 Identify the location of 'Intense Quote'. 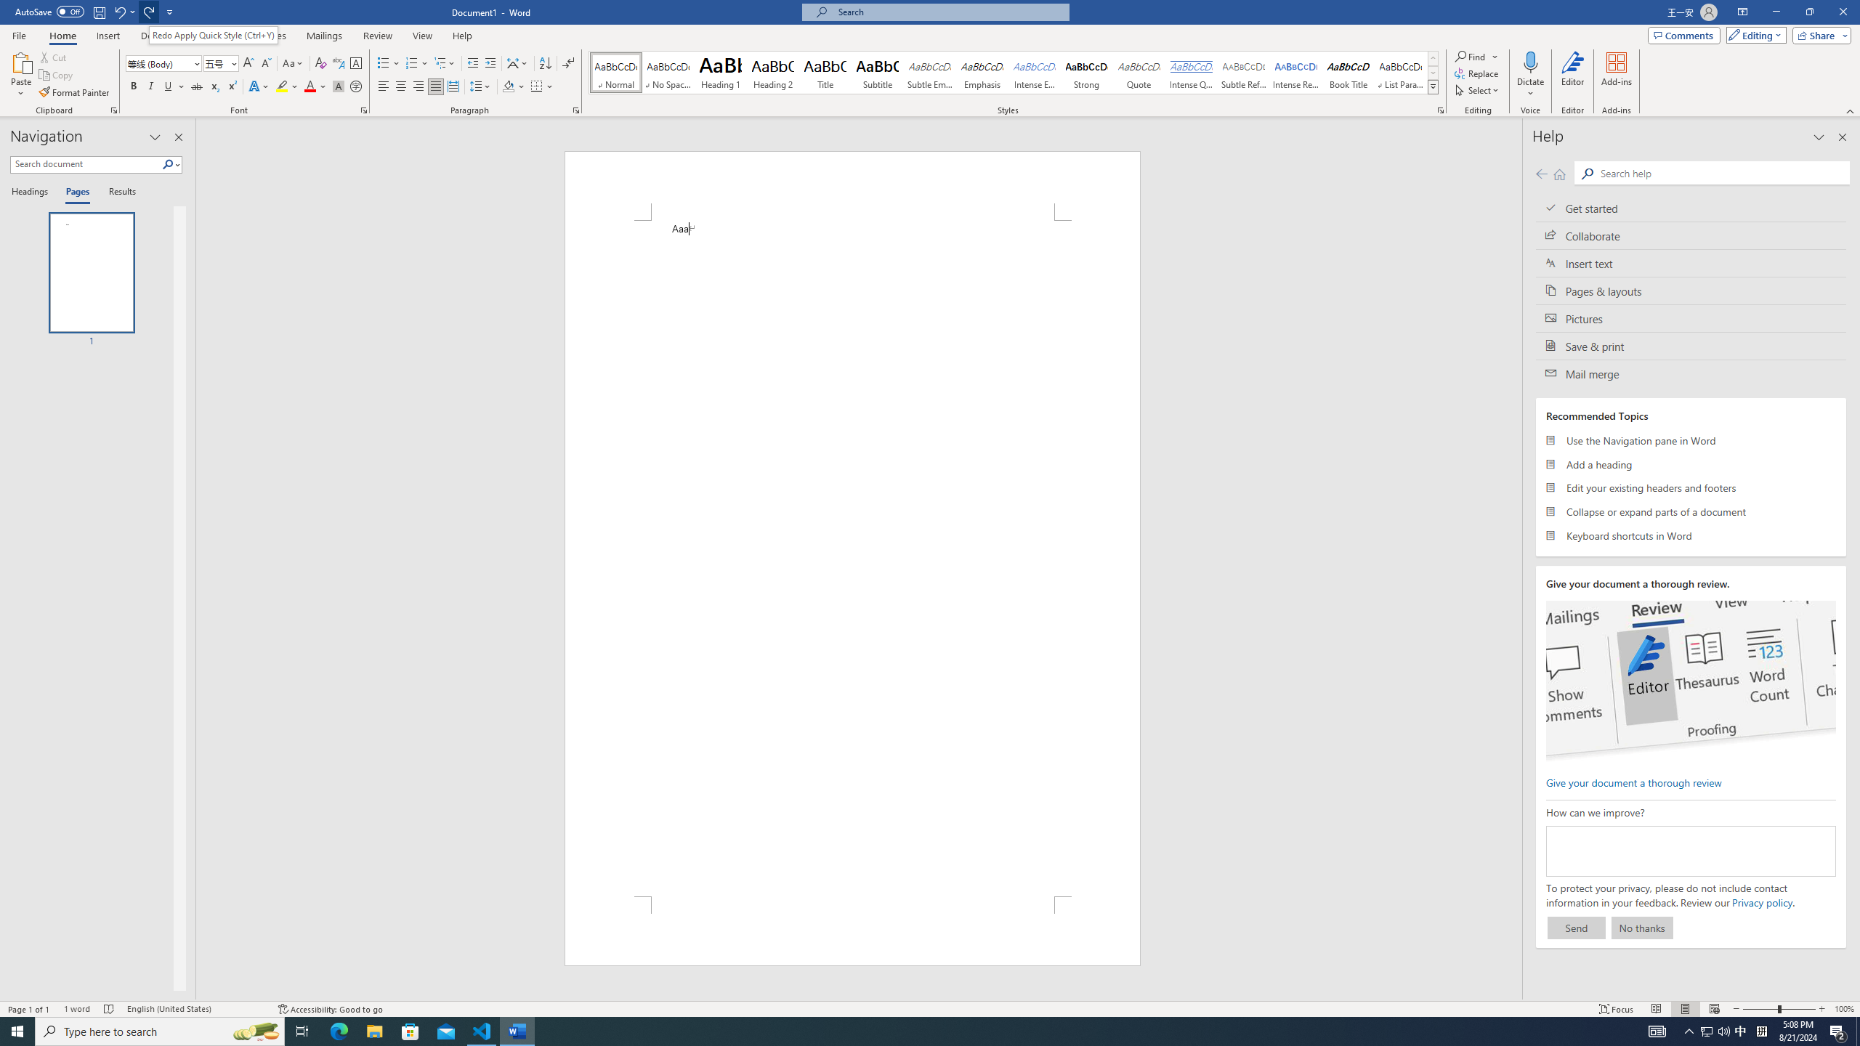
(1191, 72).